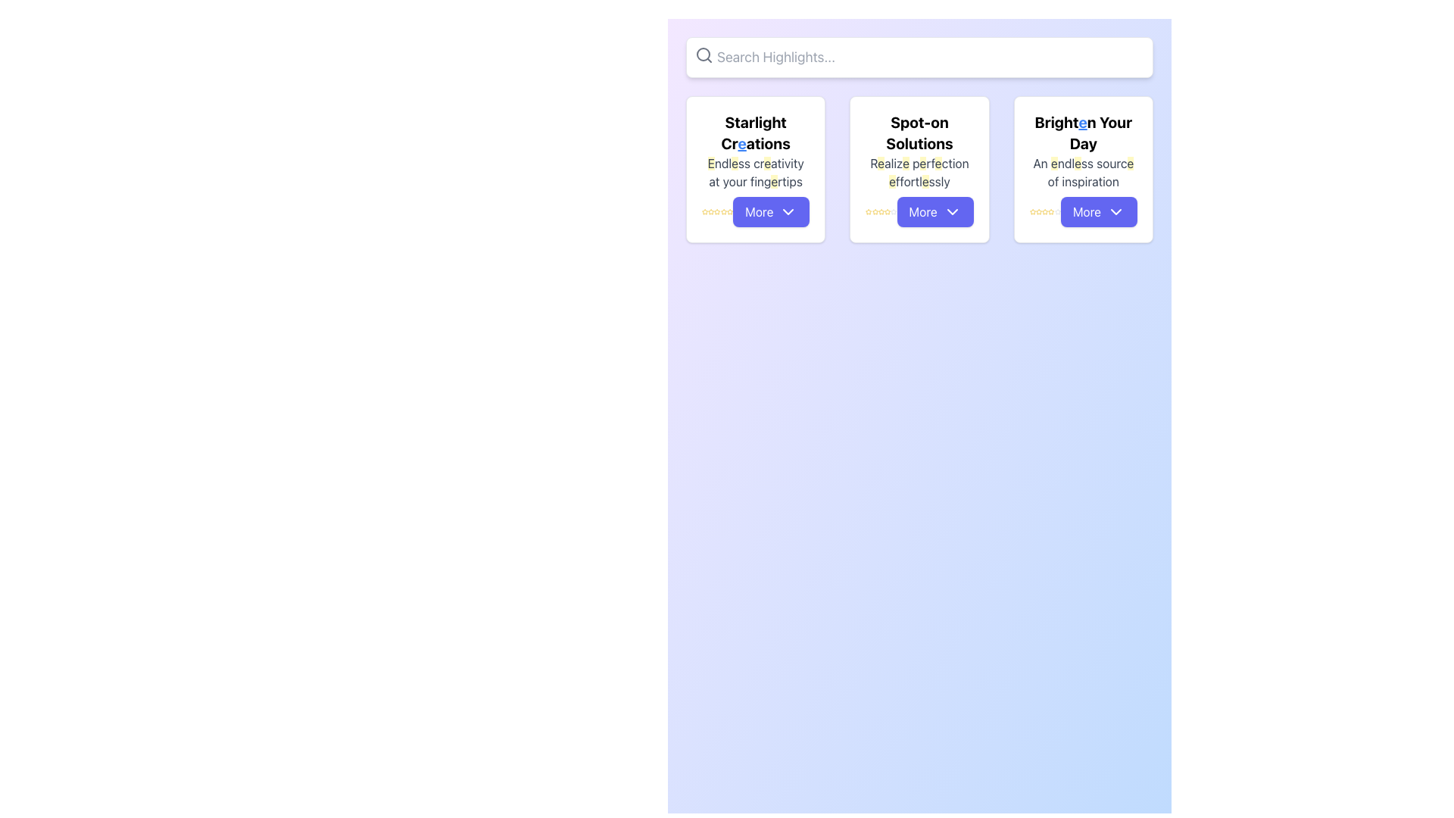 The image size is (1454, 818). I want to click on the final segment of the descriptive text within the 'Spot-on Solutions' card, which is part of the phrase 'Realize perfection effortlessly.', so click(938, 180).